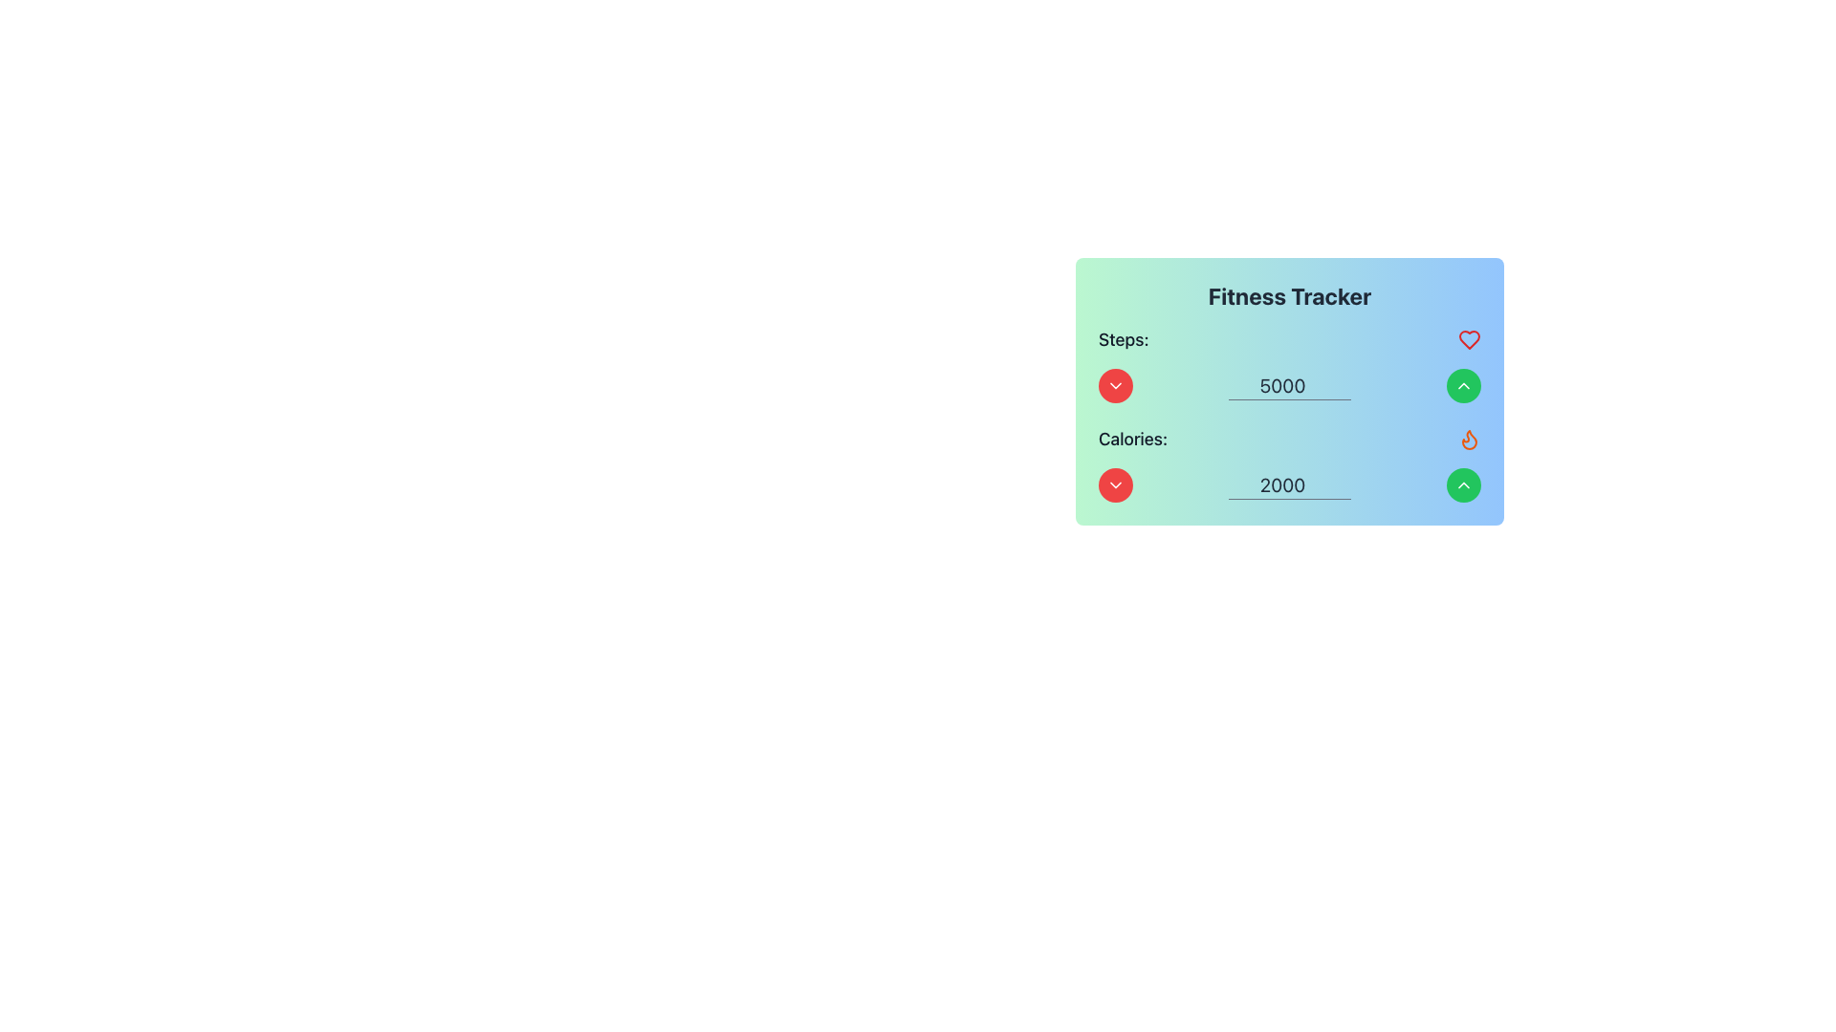  Describe the element at coordinates (1463, 386) in the screenshot. I see `the button located to the right of the numeric input field displaying '5000', which is aligned vertically with the 'Steps:' label, to increase the value` at that location.